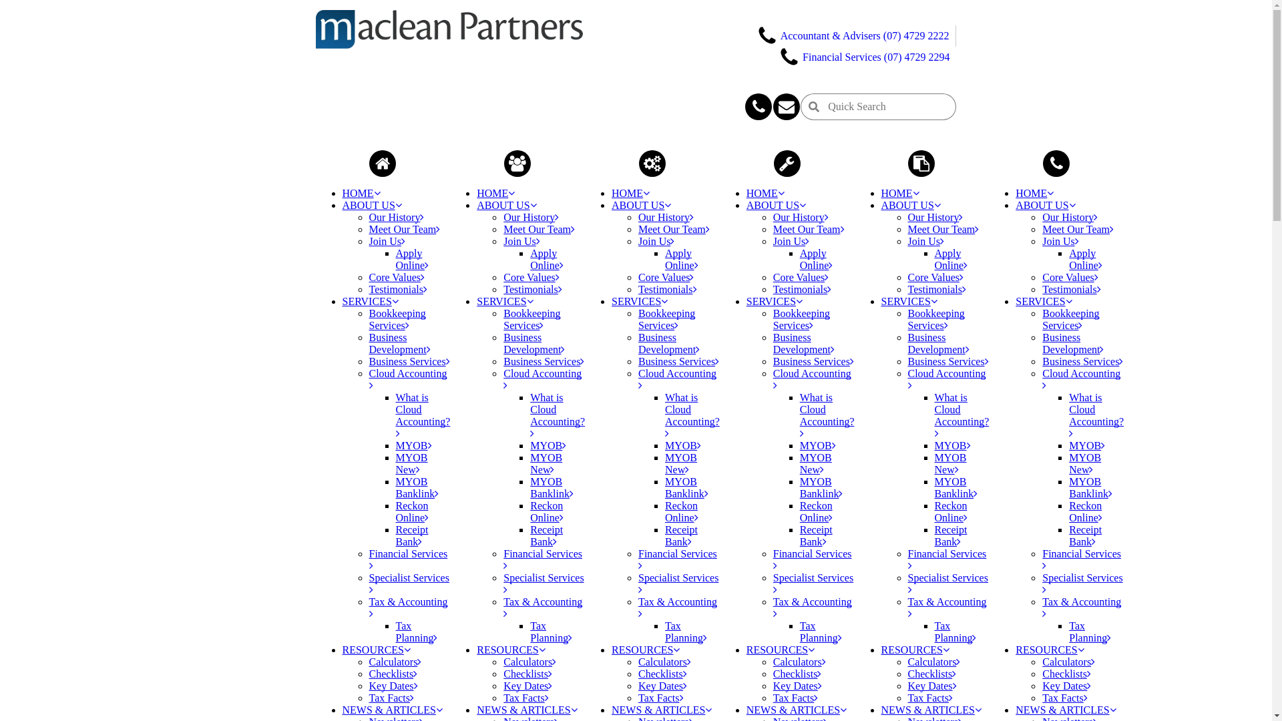 The height and width of the screenshot is (721, 1282). Describe the element at coordinates (665, 445) in the screenshot. I see `'MYOB'` at that location.